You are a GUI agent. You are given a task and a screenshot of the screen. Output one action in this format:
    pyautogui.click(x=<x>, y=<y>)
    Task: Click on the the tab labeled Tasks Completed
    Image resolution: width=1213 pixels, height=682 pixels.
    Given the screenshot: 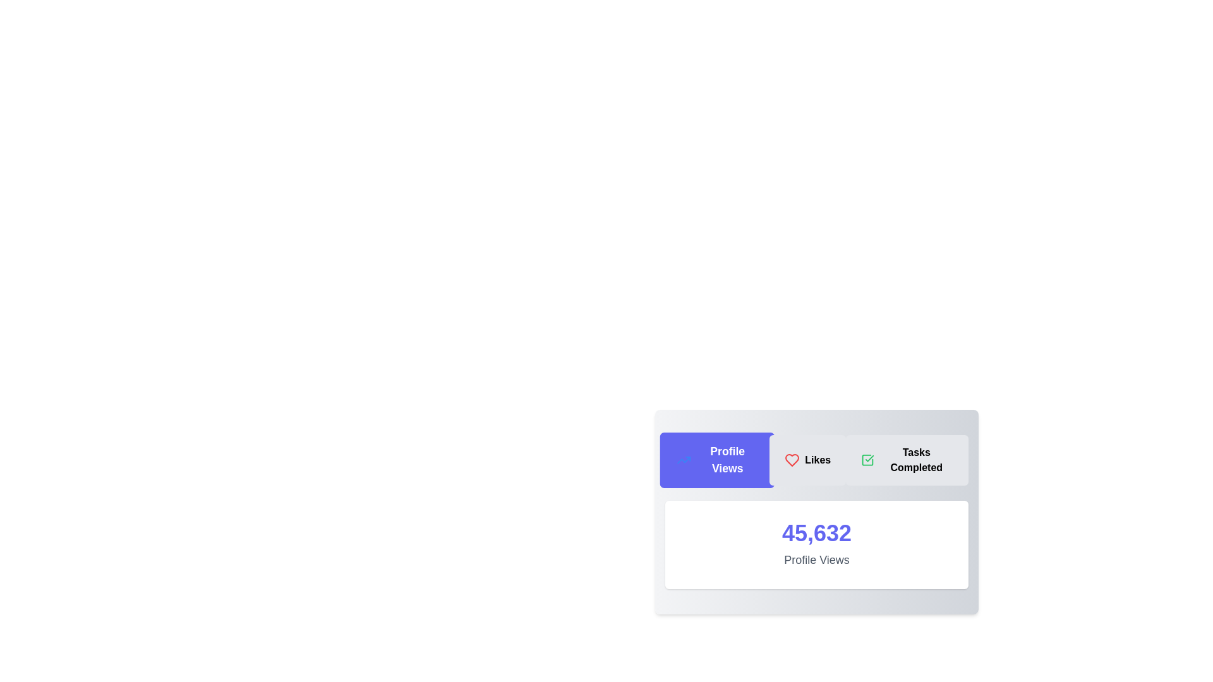 What is the action you would take?
    pyautogui.click(x=907, y=460)
    